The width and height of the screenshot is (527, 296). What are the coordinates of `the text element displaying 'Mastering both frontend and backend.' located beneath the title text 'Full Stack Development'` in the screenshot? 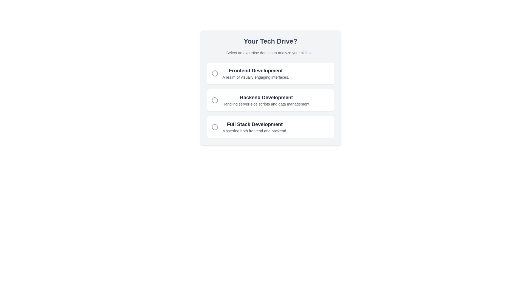 It's located at (254, 131).